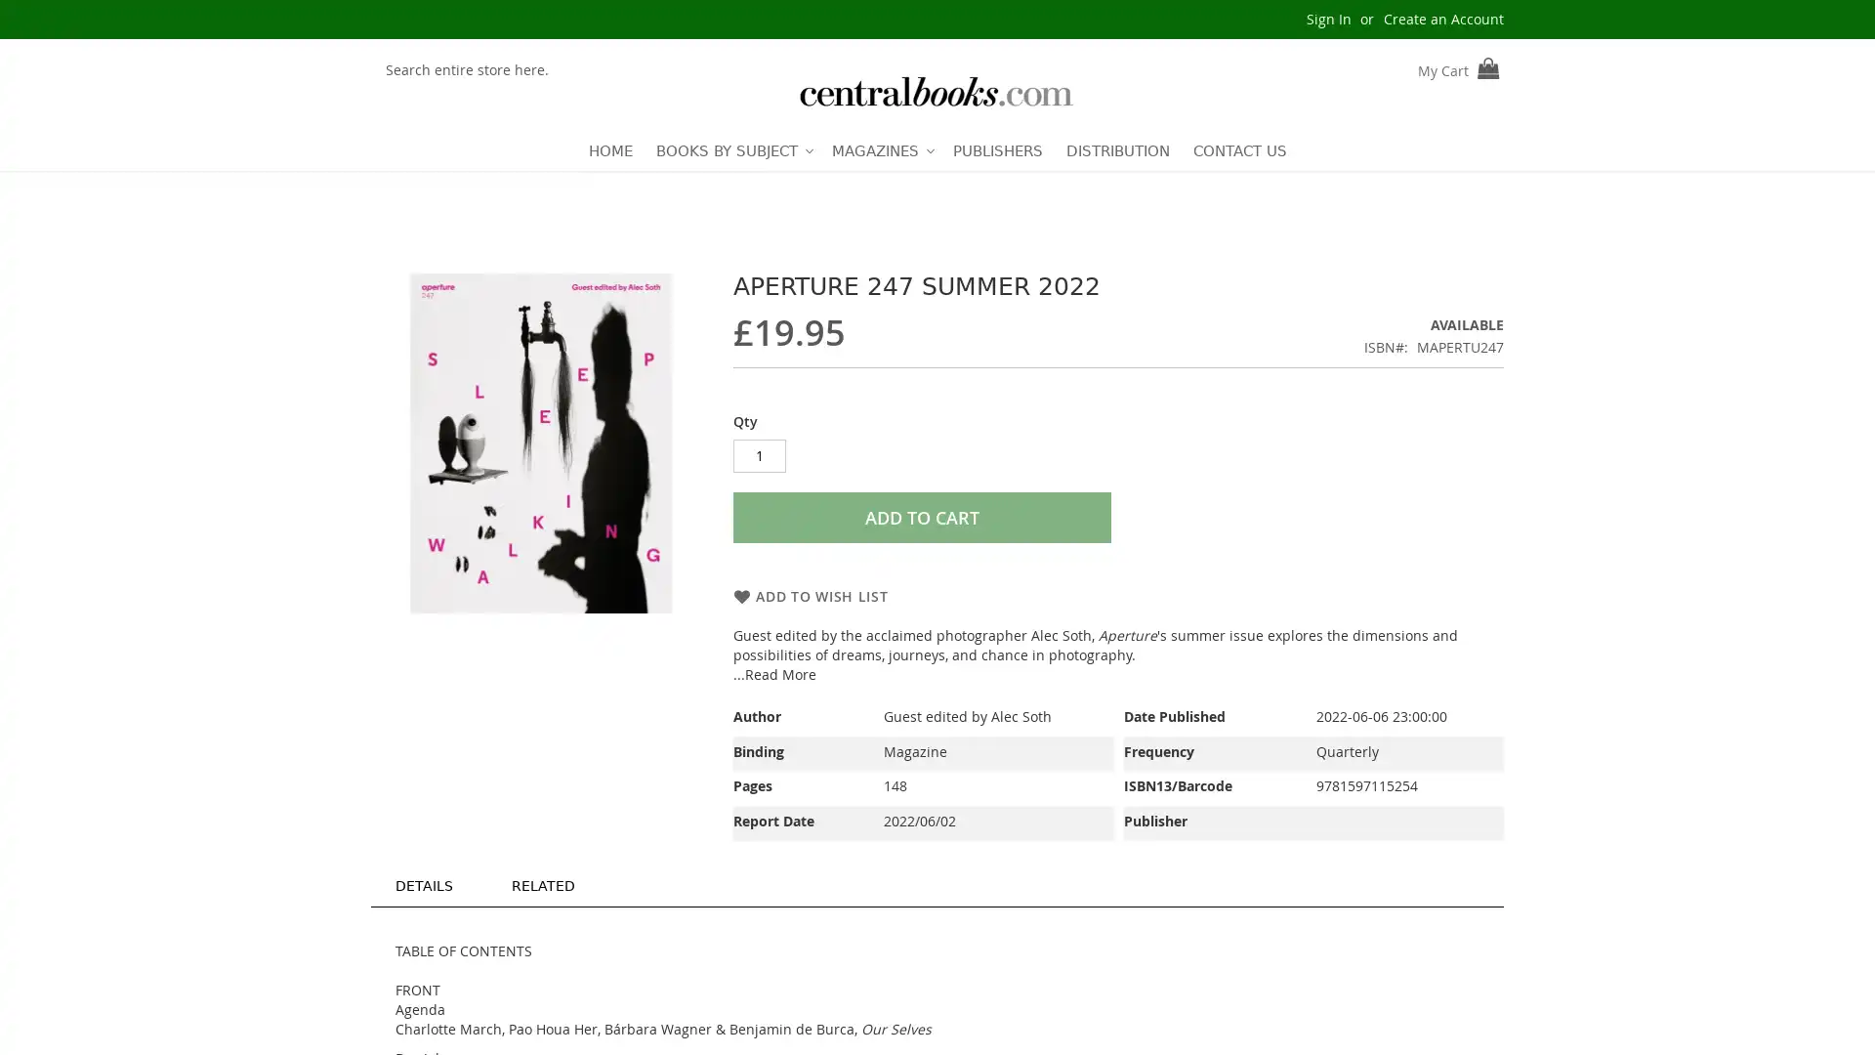 The width and height of the screenshot is (1875, 1055). What do you see at coordinates (414, 668) in the screenshot?
I see `Aperture 247 Summer 2022` at bounding box center [414, 668].